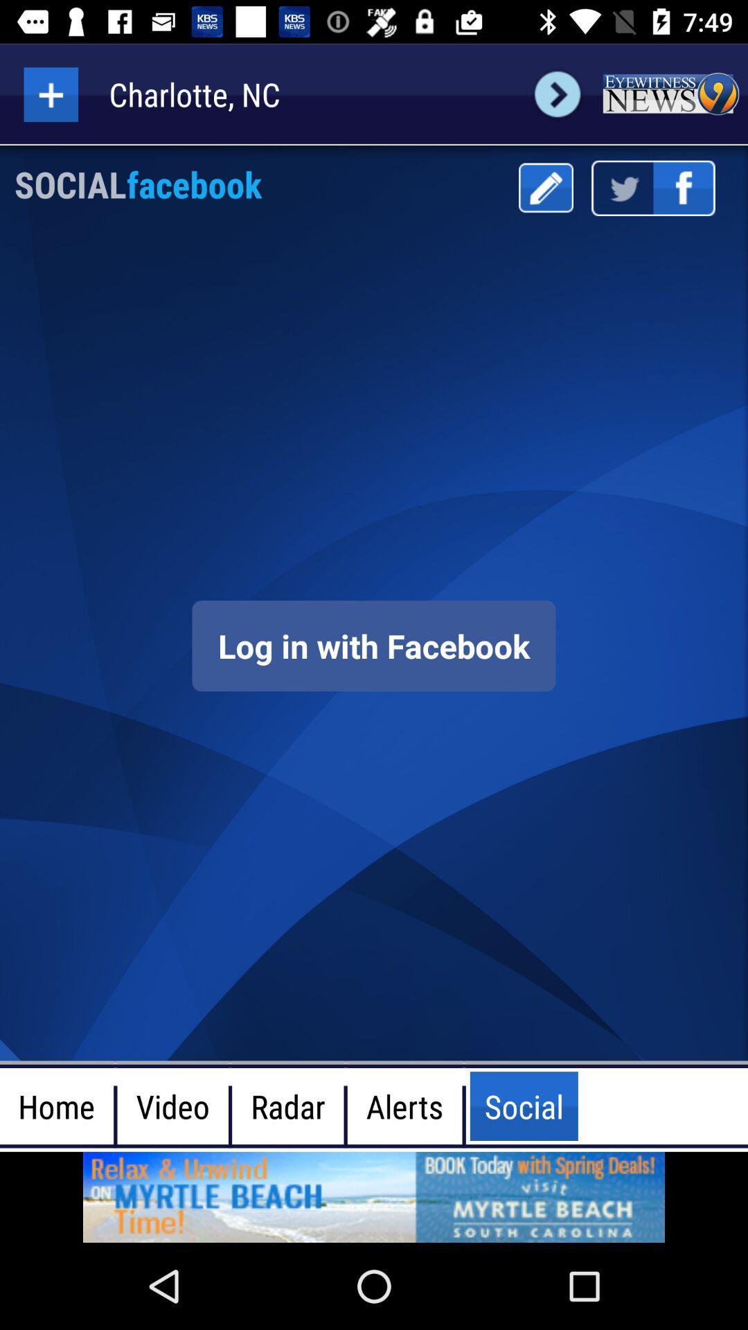 This screenshot has width=748, height=1330. I want to click on location, so click(50, 94).